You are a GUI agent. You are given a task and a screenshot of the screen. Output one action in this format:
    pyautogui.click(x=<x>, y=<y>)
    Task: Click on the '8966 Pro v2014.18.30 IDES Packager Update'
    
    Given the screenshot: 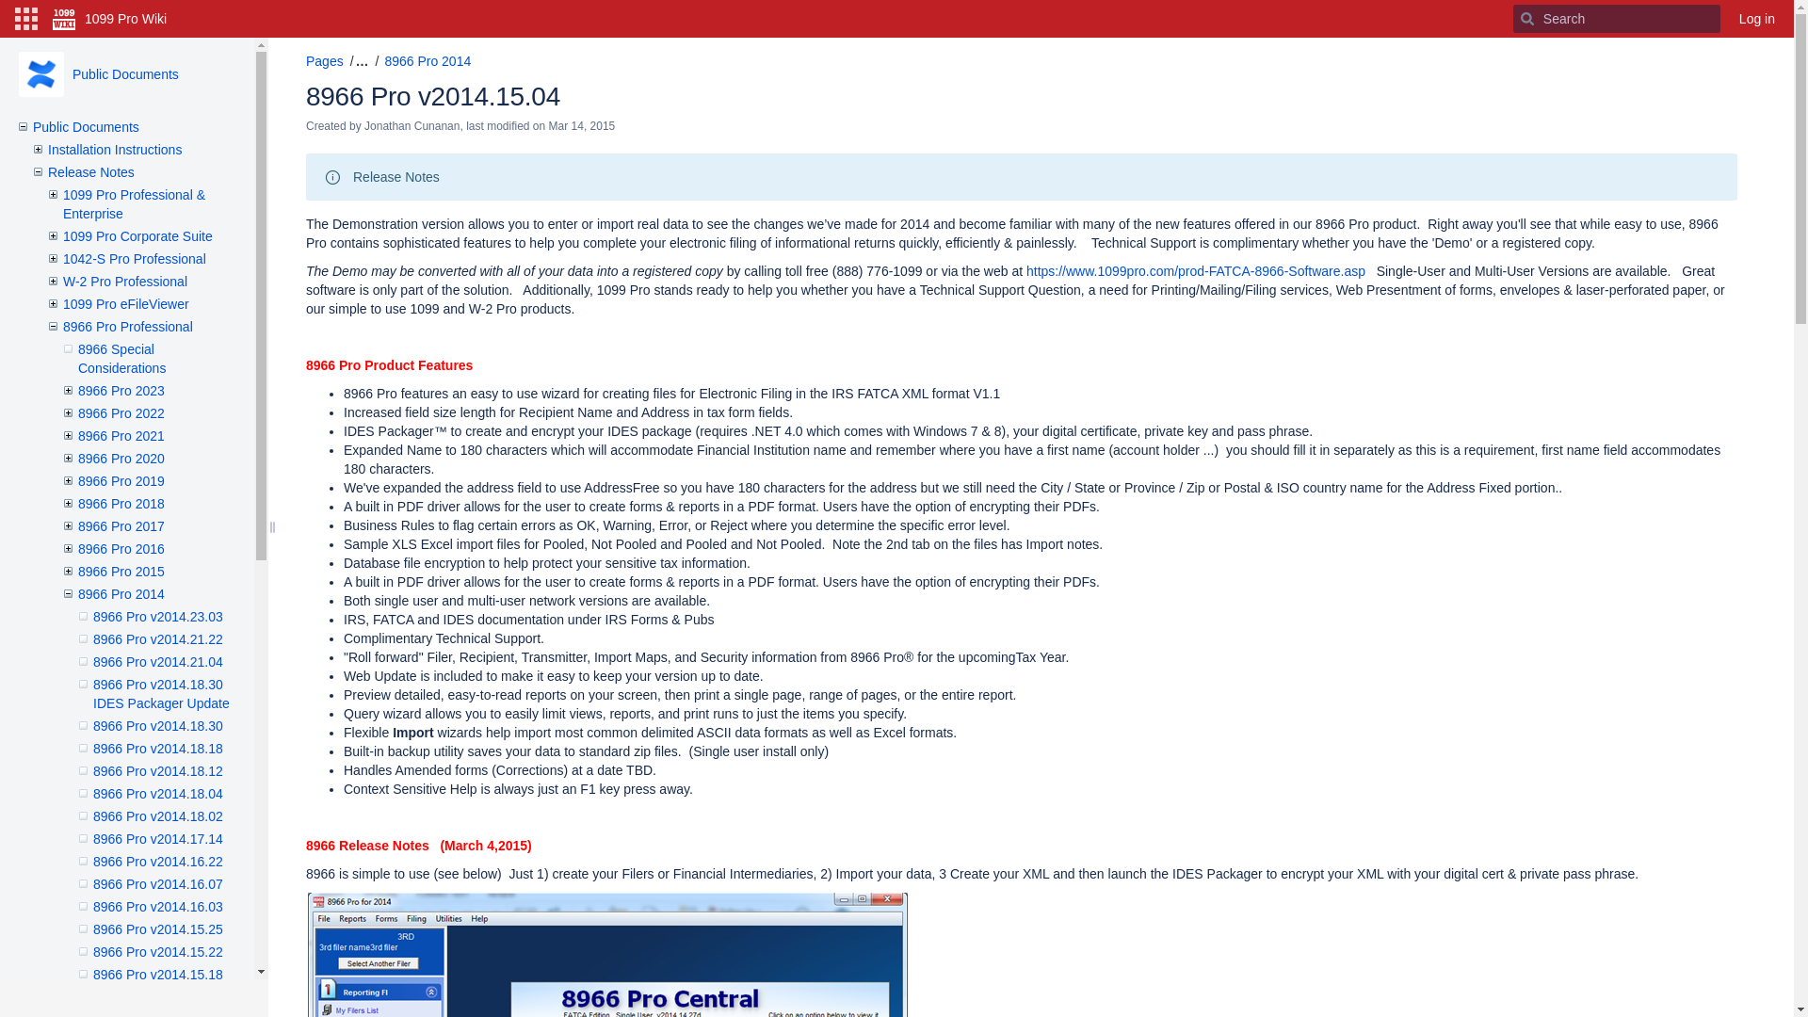 What is the action you would take?
    pyautogui.click(x=161, y=693)
    